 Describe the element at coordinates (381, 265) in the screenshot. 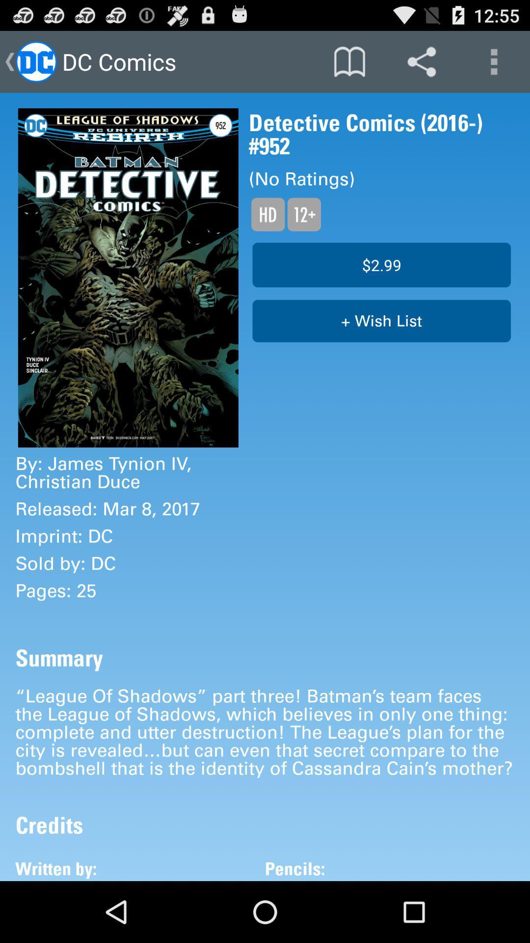

I see `the $2.99` at that location.